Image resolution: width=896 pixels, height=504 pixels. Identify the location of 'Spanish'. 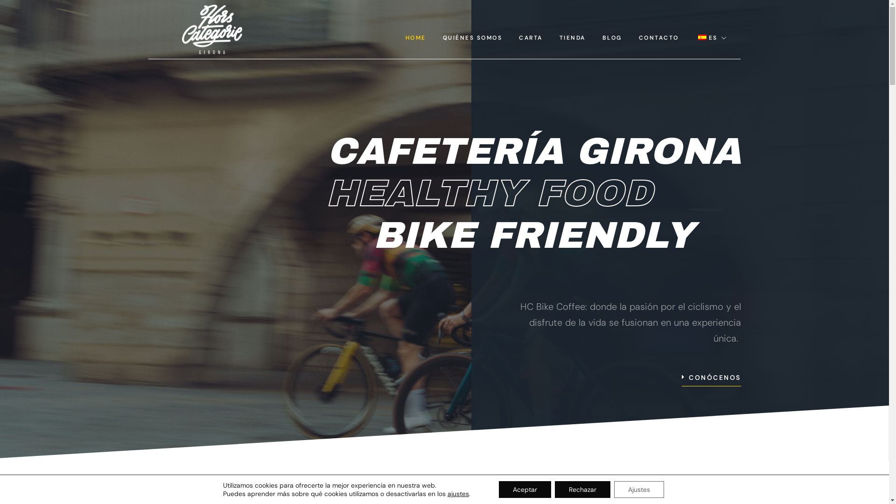
(702, 37).